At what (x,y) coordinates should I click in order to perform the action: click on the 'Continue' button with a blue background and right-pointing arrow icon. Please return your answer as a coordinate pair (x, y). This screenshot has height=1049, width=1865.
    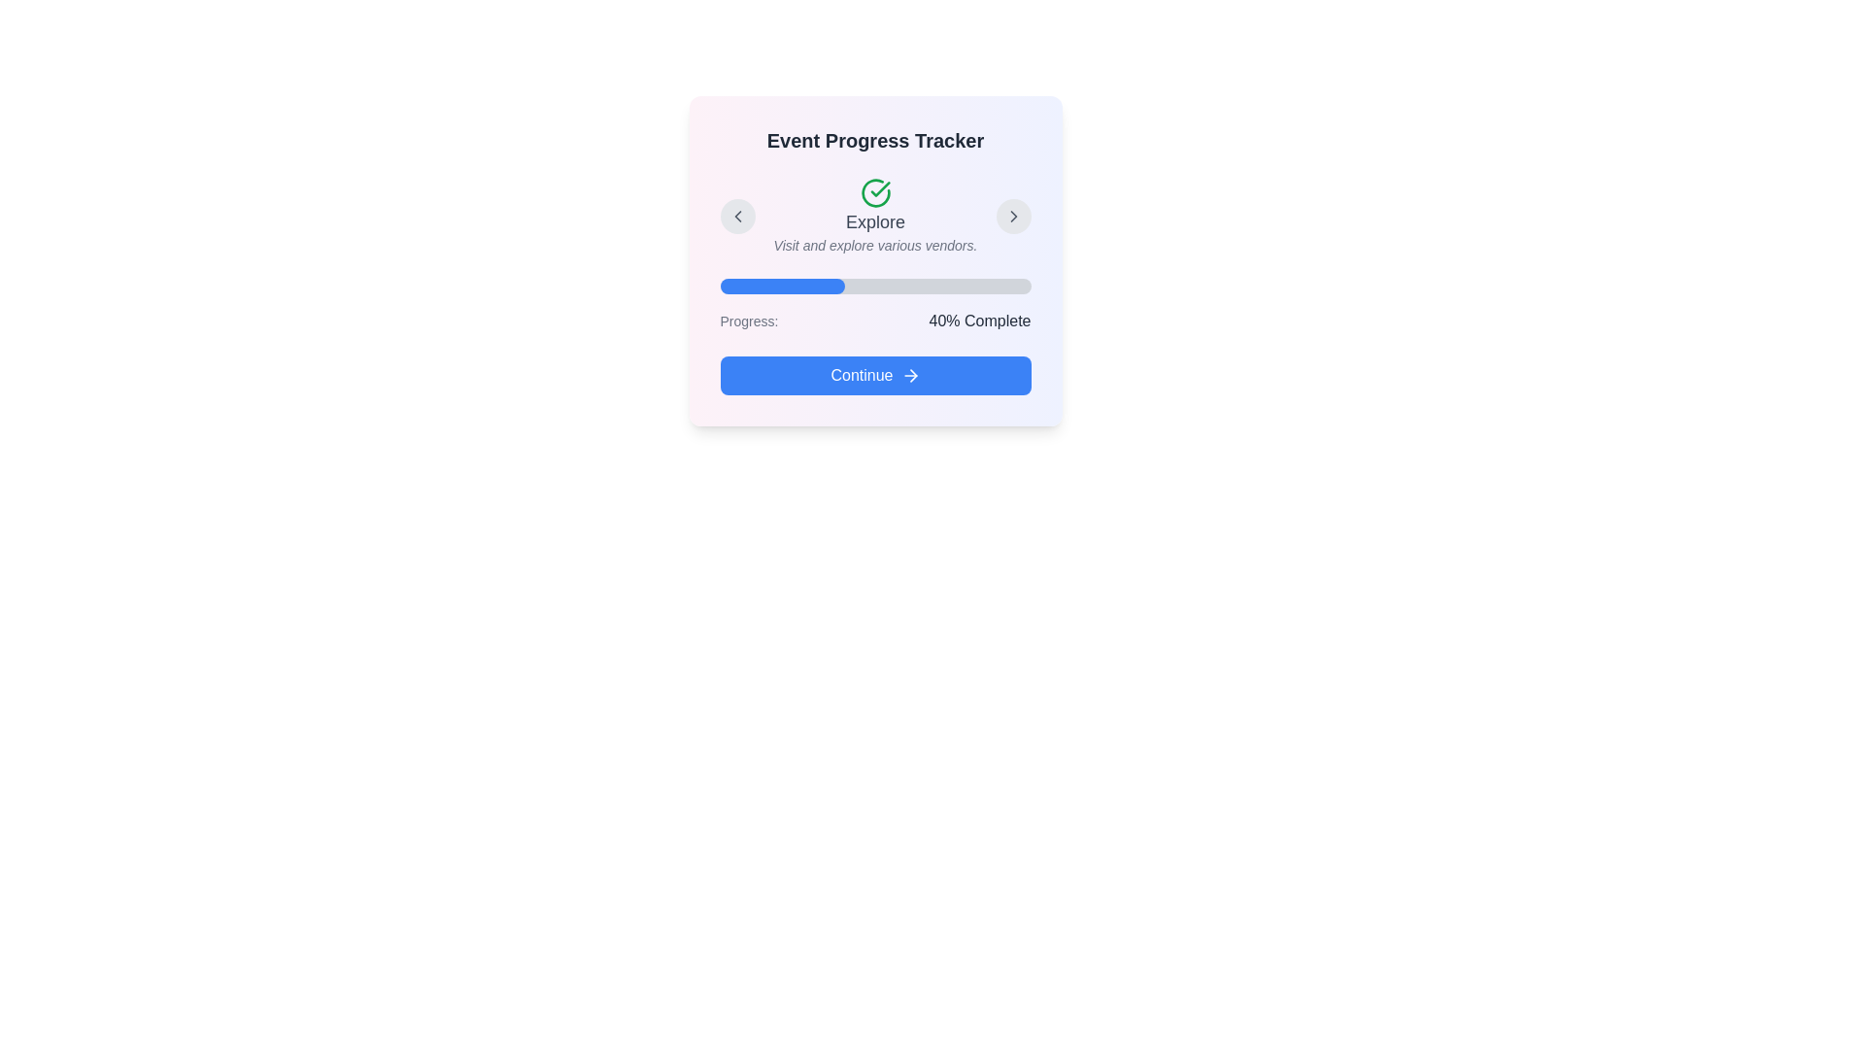
    Looking at the image, I should click on (874, 375).